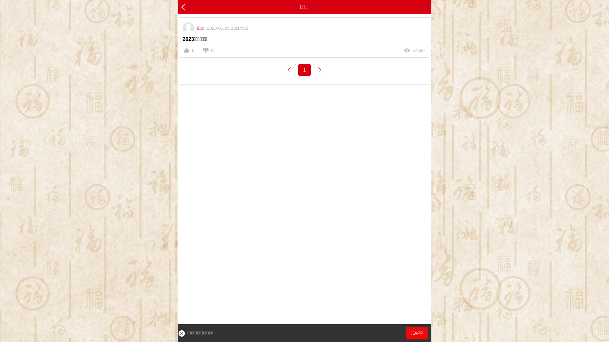 This screenshot has height=342, width=609. Describe the element at coordinates (304, 70) in the screenshot. I see `'1'` at that location.